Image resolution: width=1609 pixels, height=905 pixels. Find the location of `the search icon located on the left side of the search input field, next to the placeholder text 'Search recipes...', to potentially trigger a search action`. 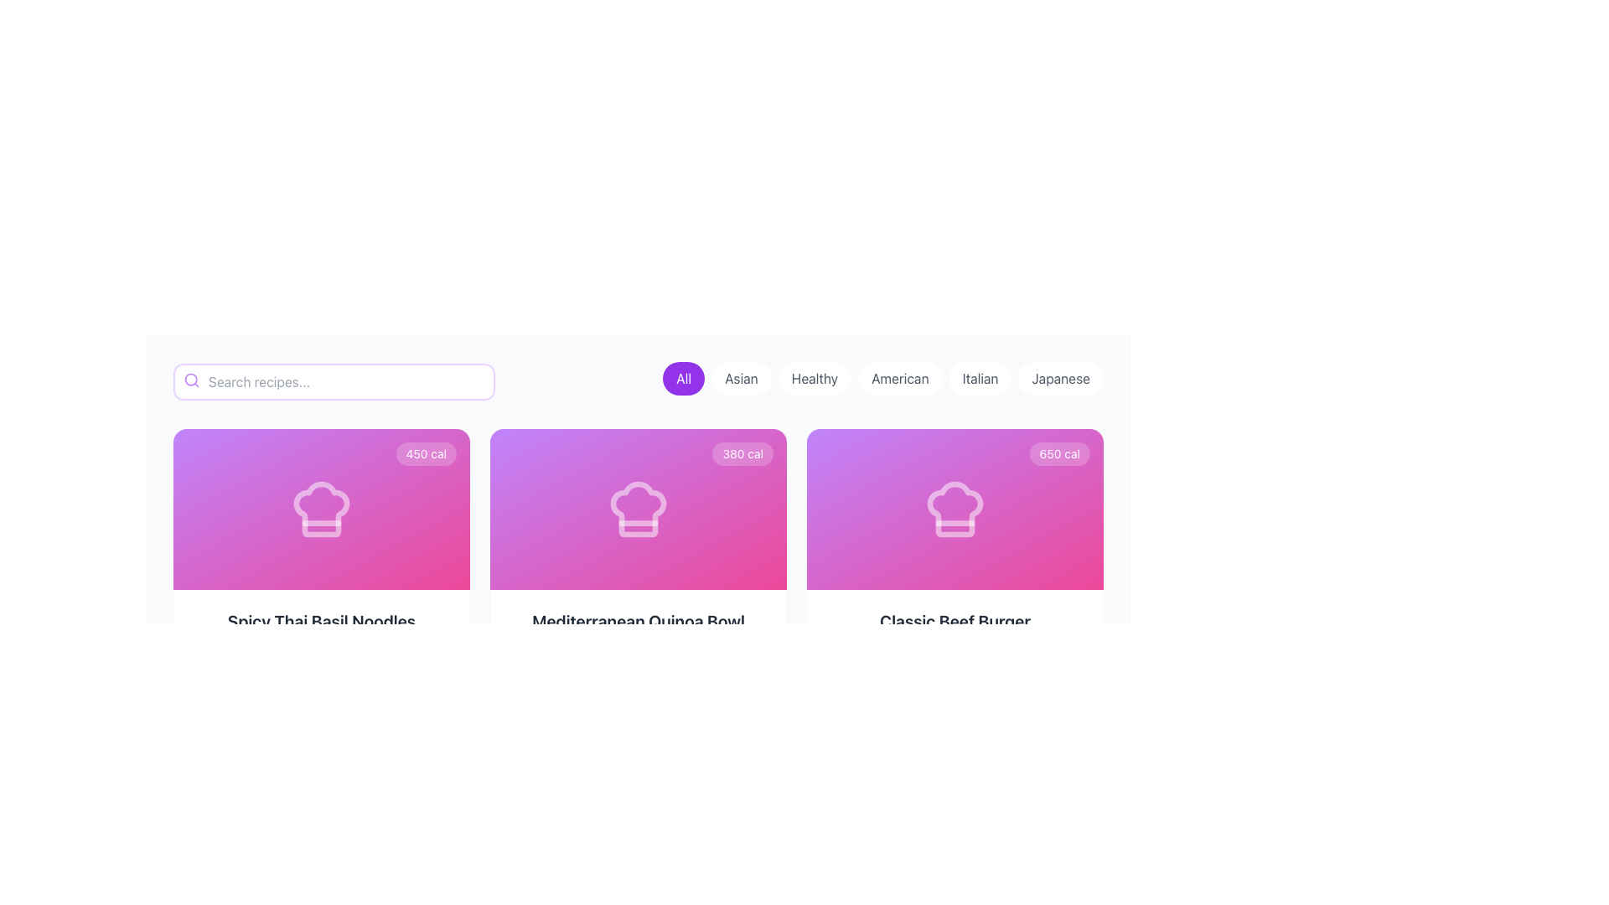

the search icon located on the left side of the search input field, next to the placeholder text 'Search recipes...', to potentially trigger a search action is located at coordinates (192, 380).